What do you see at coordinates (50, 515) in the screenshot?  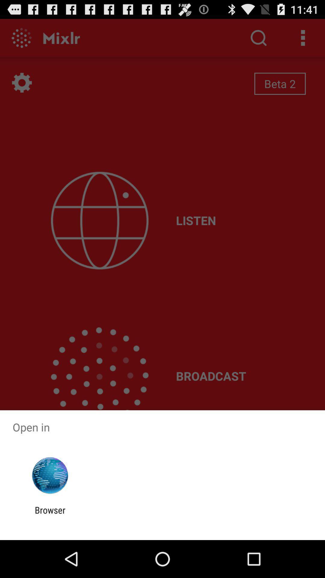 I see `the browser icon` at bounding box center [50, 515].